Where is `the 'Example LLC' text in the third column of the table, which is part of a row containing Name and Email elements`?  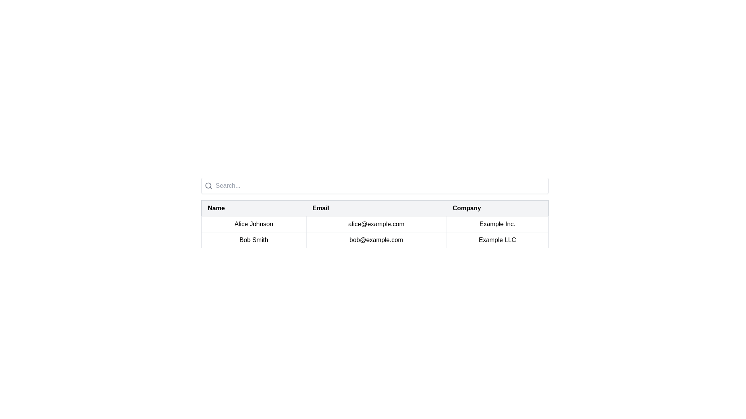
the 'Example LLC' text in the third column of the table, which is part of a row containing Name and Email elements is located at coordinates (497, 239).